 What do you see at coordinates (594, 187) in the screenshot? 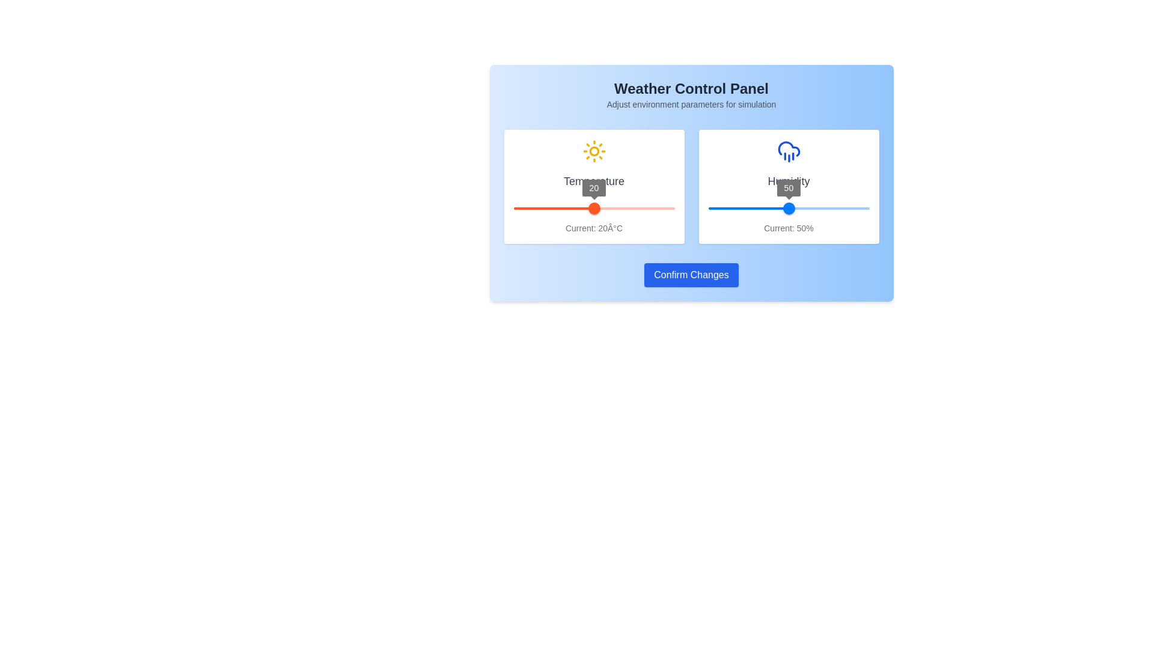
I see `the Tooltip-like value label that displays the current temperature value ('20') above the red Temperature slider in the Weather Control Panel` at bounding box center [594, 187].